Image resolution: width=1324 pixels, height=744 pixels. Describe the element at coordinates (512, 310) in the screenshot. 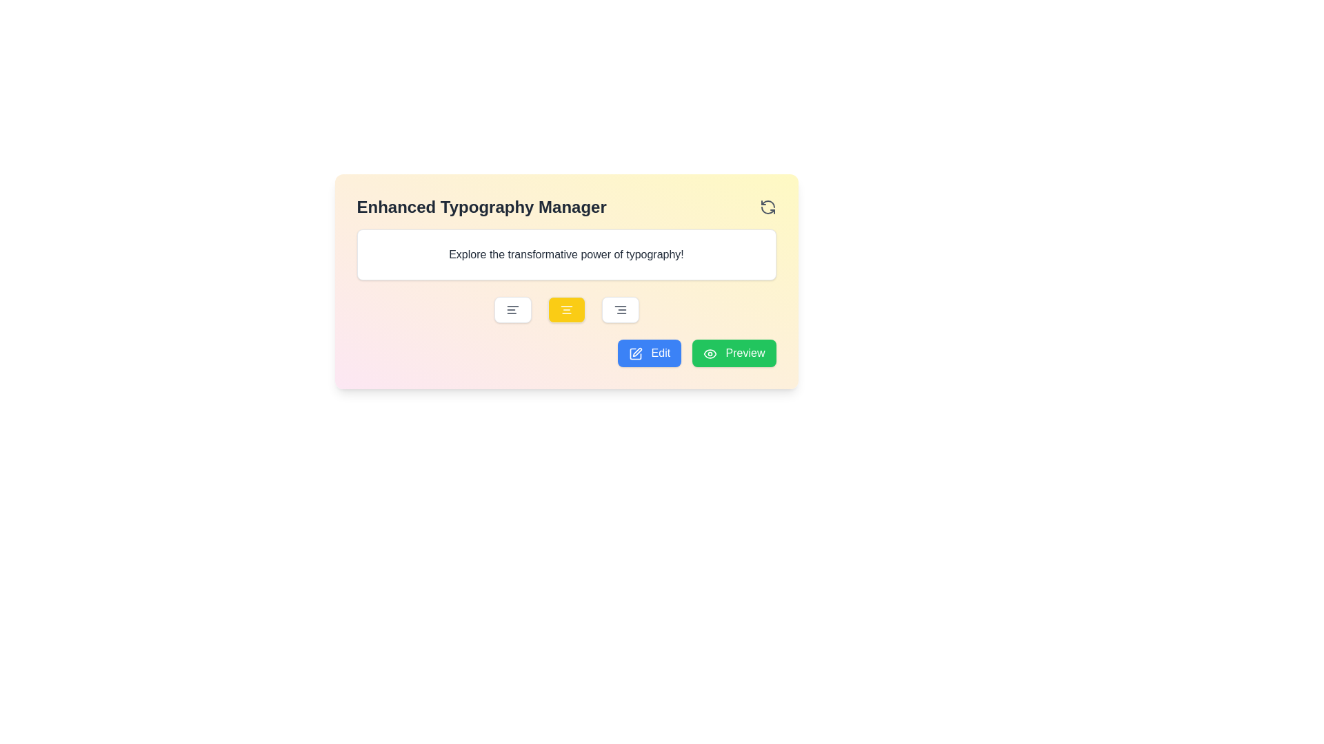

I see `the 'Align Left' button using tab navigation` at that location.